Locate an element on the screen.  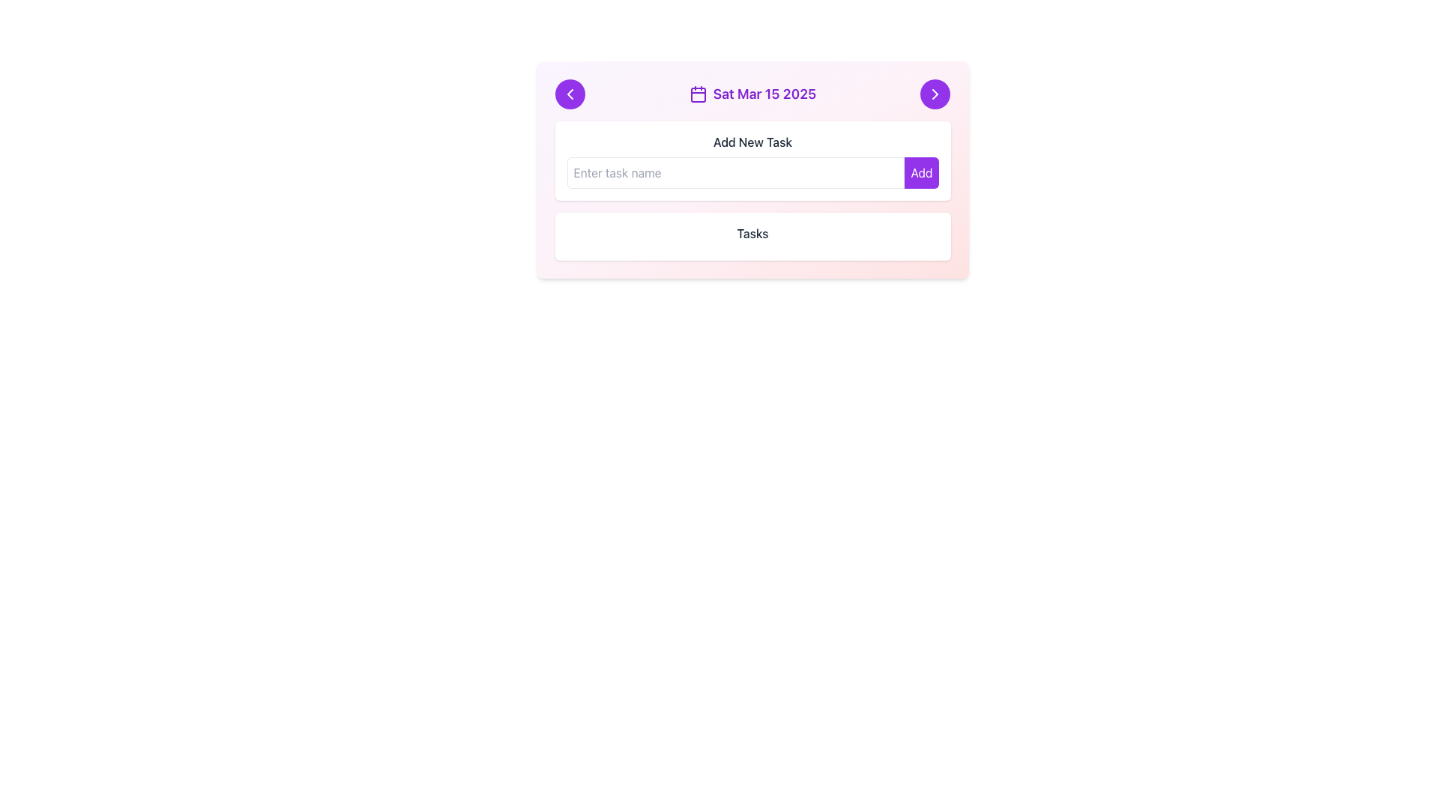
the circular purple button with a white rightwards arrow icon located in the top-right corner of the header section is located at coordinates (935, 94).